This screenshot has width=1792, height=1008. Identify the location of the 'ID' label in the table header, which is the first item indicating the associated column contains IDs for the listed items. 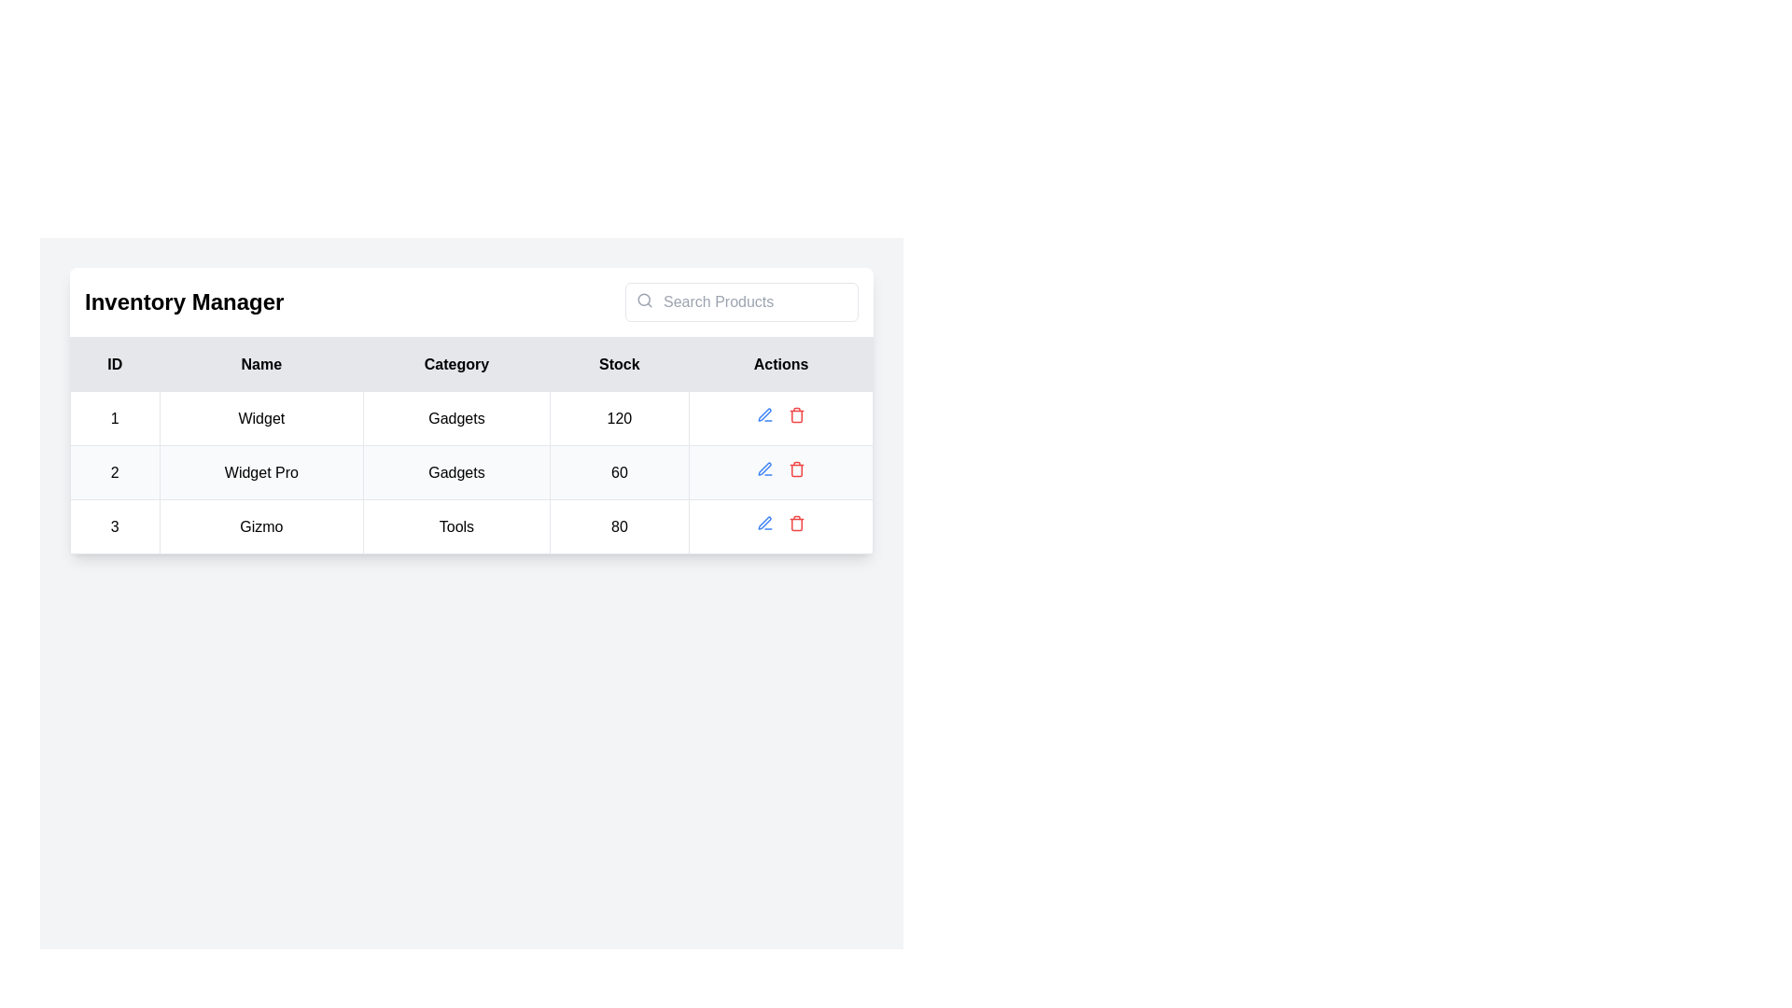
(114, 364).